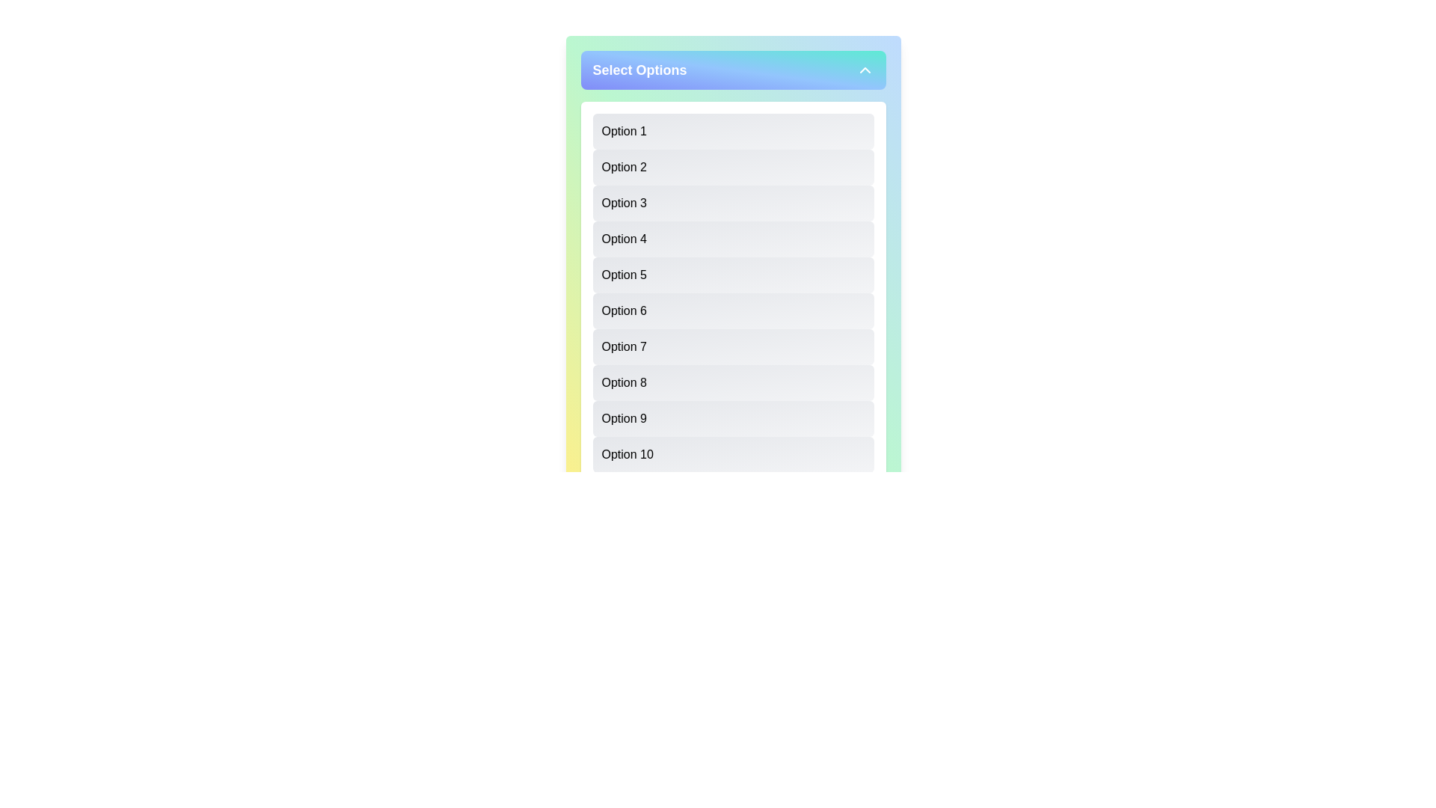 This screenshot has height=808, width=1436. Describe the element at coordinates (865, 70) in the screenshot. I see `the center of the Chevron Up Icon` at that location.